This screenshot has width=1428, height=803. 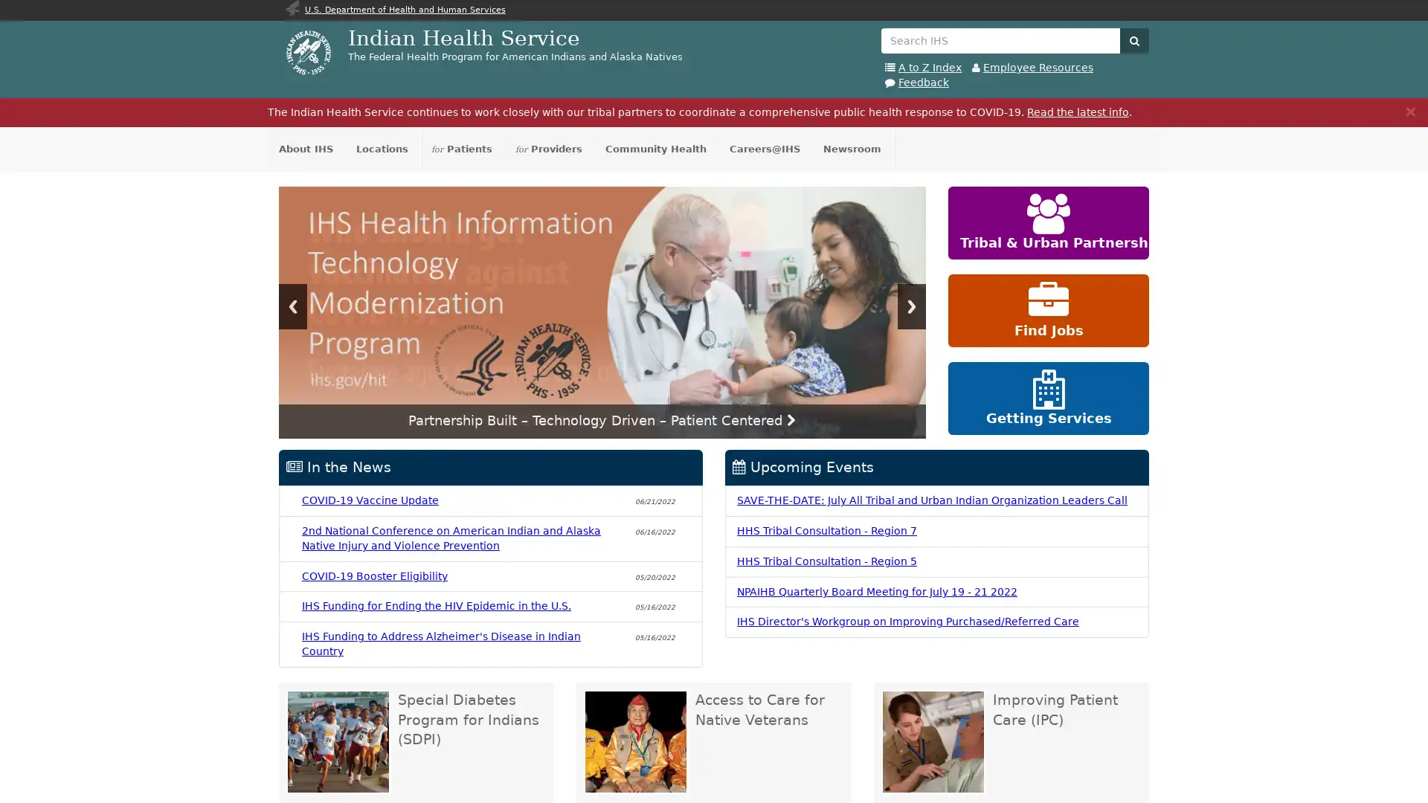 What do you see at coordinates (1048, 309) in the screenshot?
I see `Find Jobs` at bounding box center [1048, 309].